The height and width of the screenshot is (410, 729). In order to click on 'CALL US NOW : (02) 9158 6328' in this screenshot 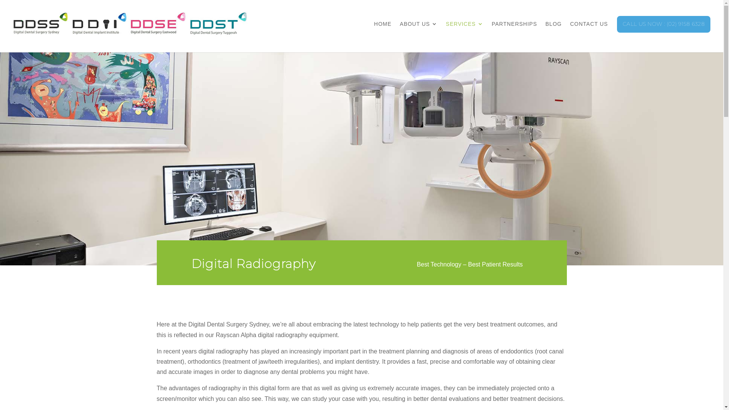, I will do `click(663, 32)`.